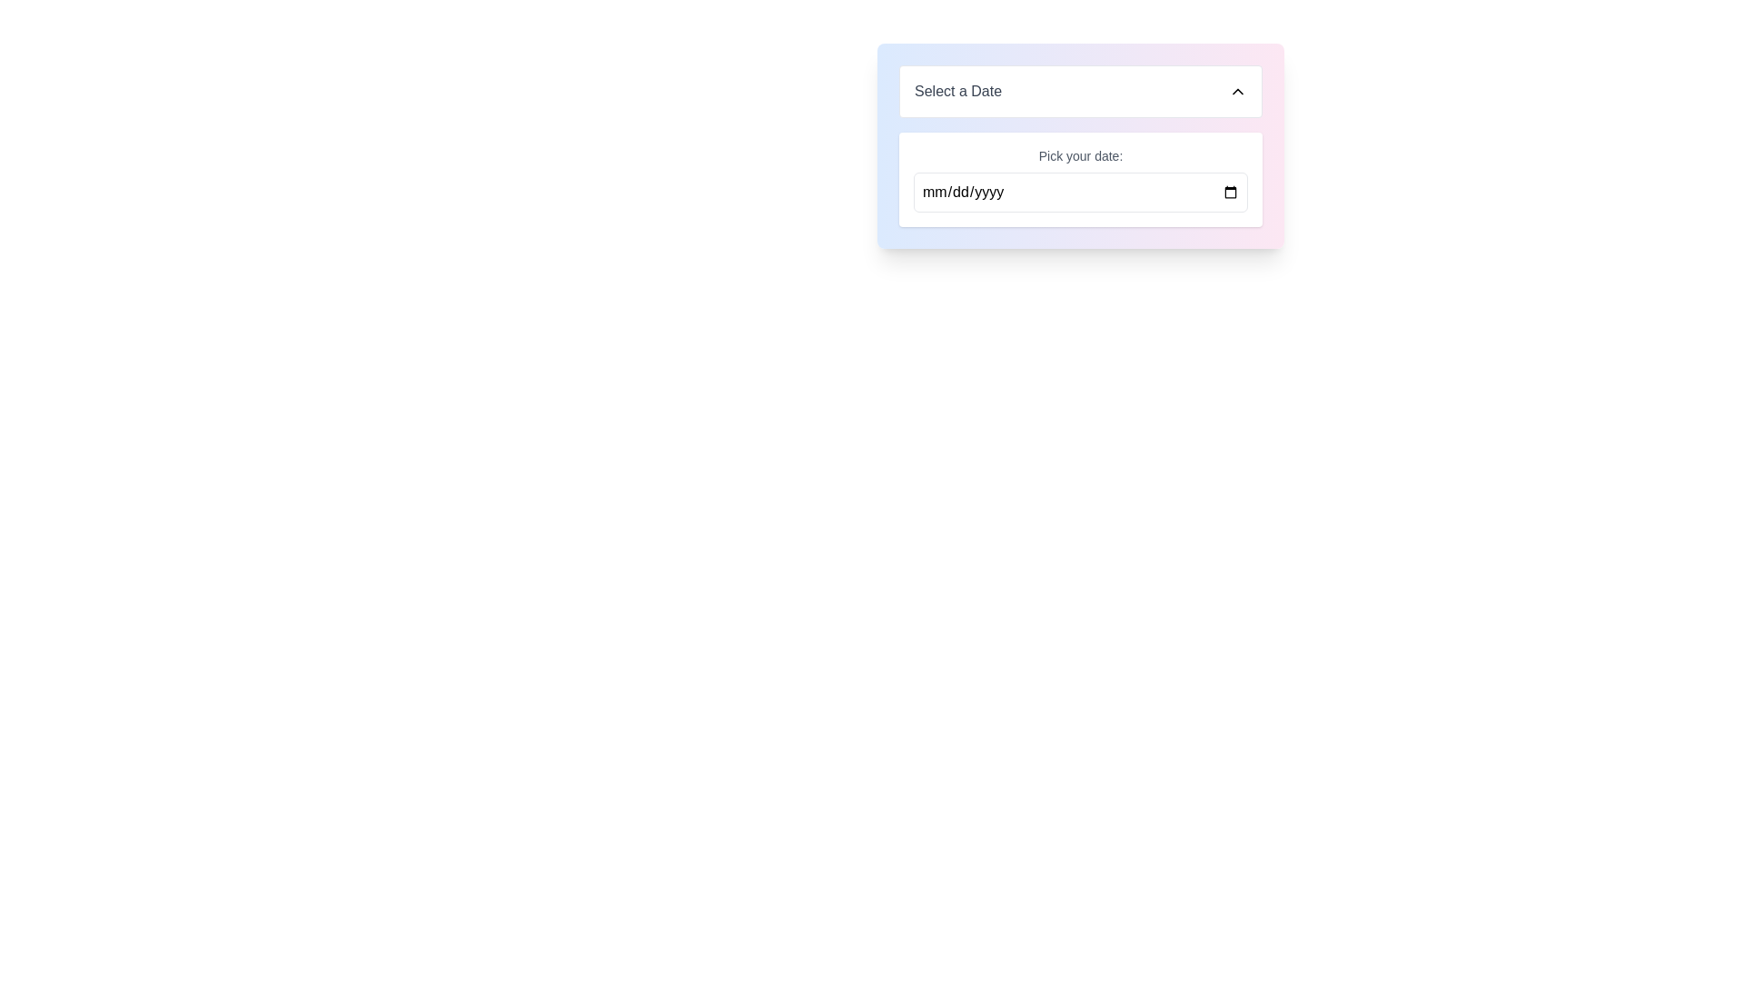  I want to click on the Dropdown Button labeled 'Select a Date', so click(1081, 91).